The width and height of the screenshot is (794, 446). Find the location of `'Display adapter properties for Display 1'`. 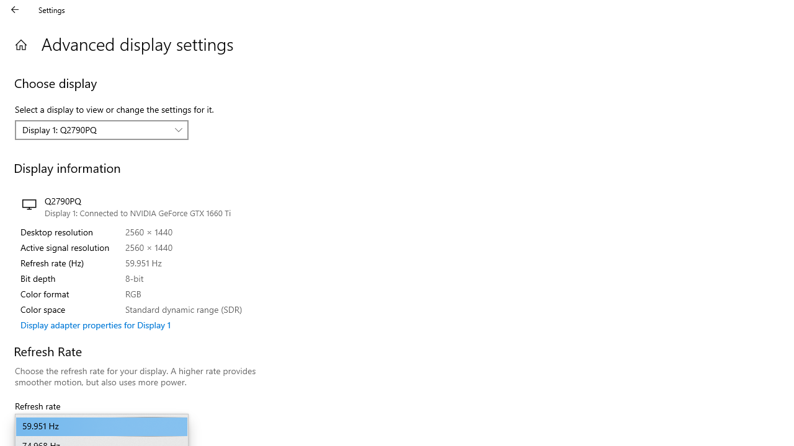

'Display adapter properties for Display 1' is located at coordinates (95, 324).